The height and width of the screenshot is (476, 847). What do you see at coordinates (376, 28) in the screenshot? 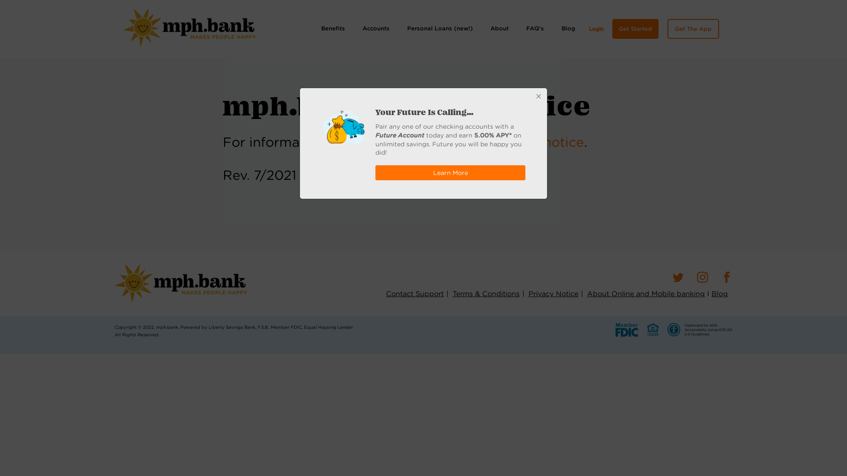
I see `'Accounts'` at bounding box center [376, 28].